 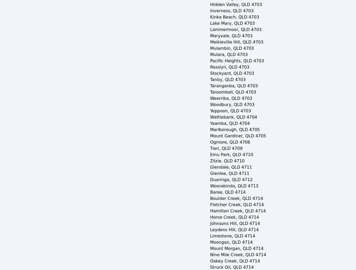 What do you see at coordinates (231, 167) in the screenshot?
I see `'Glendale, QLD 4711'` at bounding box center [231, 167].